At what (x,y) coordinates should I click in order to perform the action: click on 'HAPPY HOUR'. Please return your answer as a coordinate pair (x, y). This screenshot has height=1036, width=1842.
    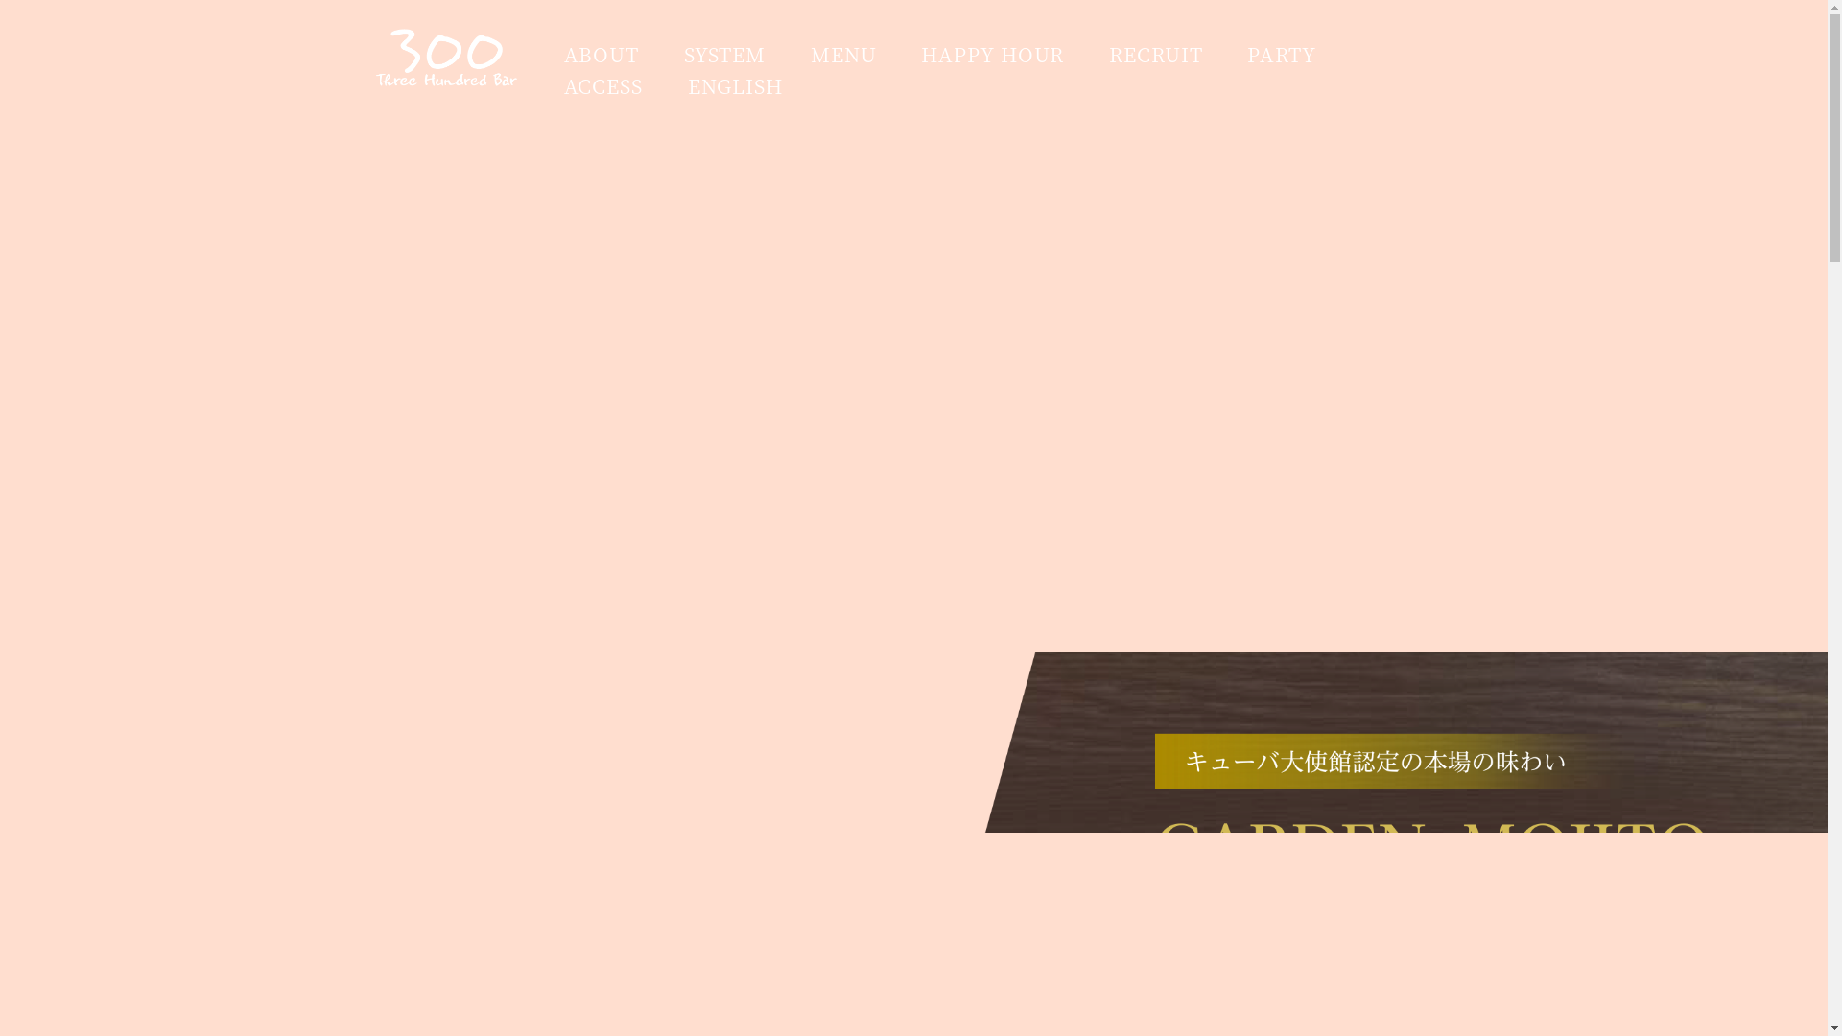
    Looking at the image, I should click on (992, 54).